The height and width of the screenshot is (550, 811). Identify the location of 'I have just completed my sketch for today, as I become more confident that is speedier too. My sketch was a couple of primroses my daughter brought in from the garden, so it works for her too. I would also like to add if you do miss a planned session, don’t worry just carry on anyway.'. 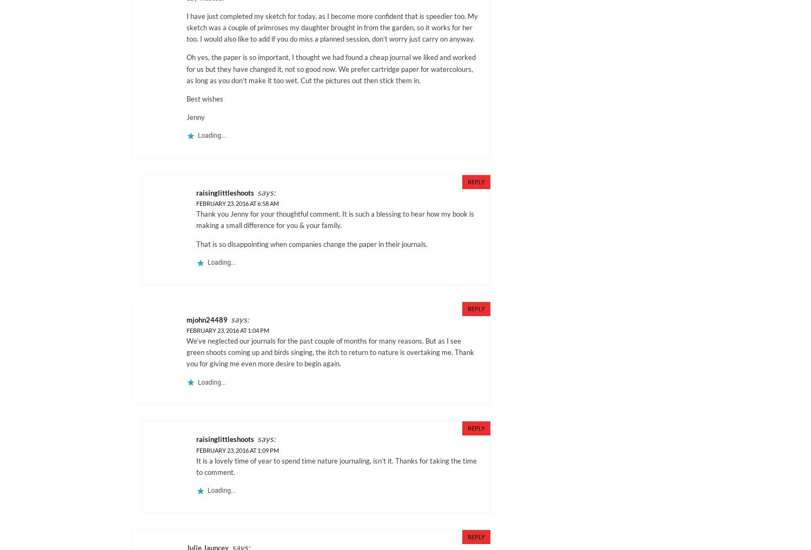
(186, 27).